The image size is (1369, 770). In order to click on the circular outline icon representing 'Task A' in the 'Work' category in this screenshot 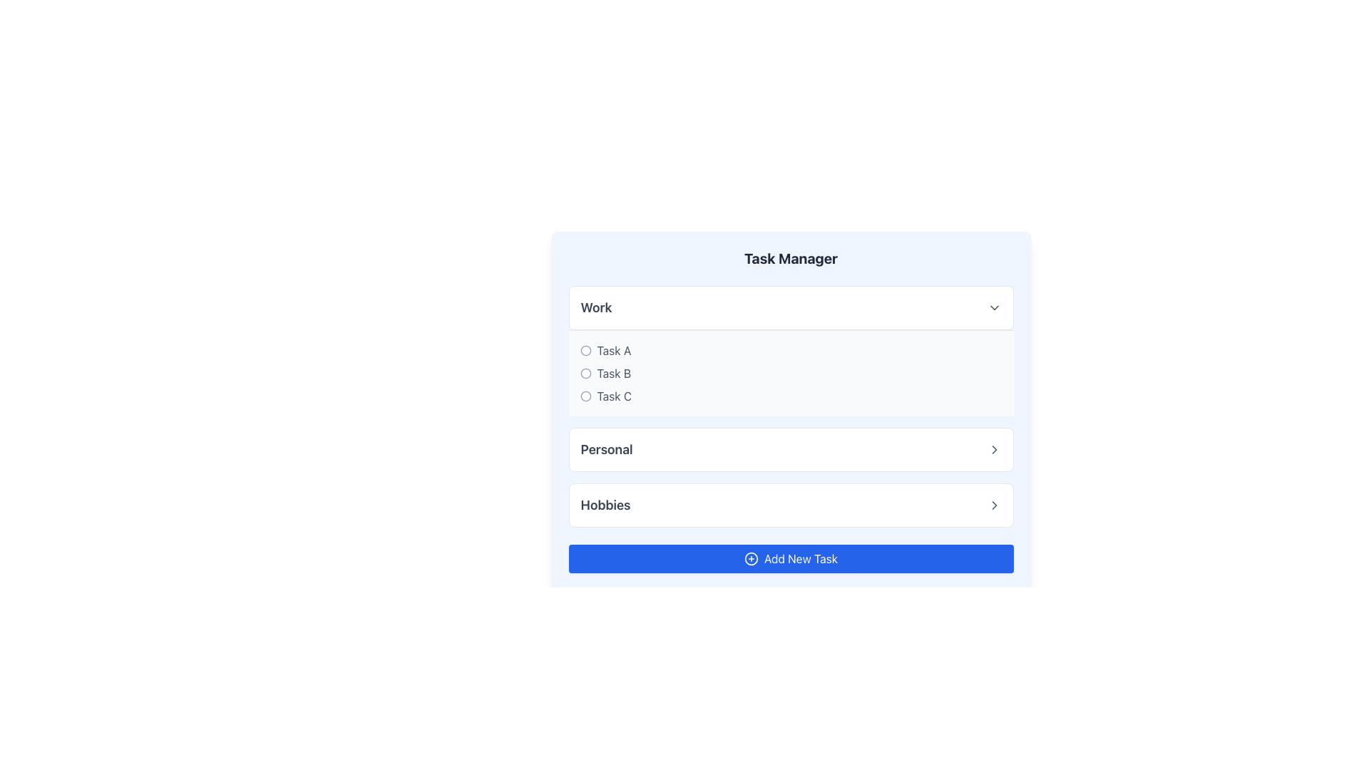, I will do `click(585, 351)`.